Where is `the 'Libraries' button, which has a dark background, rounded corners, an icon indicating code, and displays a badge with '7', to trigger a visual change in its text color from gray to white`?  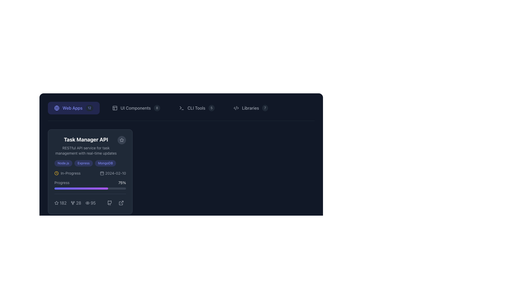 the 'Libraries' button, which has a dark background, rounded corners, an icon indicating code, and displays a badge with '7', to trigger a visual change in its text color from gray to white is located at coordinates (250, 108).